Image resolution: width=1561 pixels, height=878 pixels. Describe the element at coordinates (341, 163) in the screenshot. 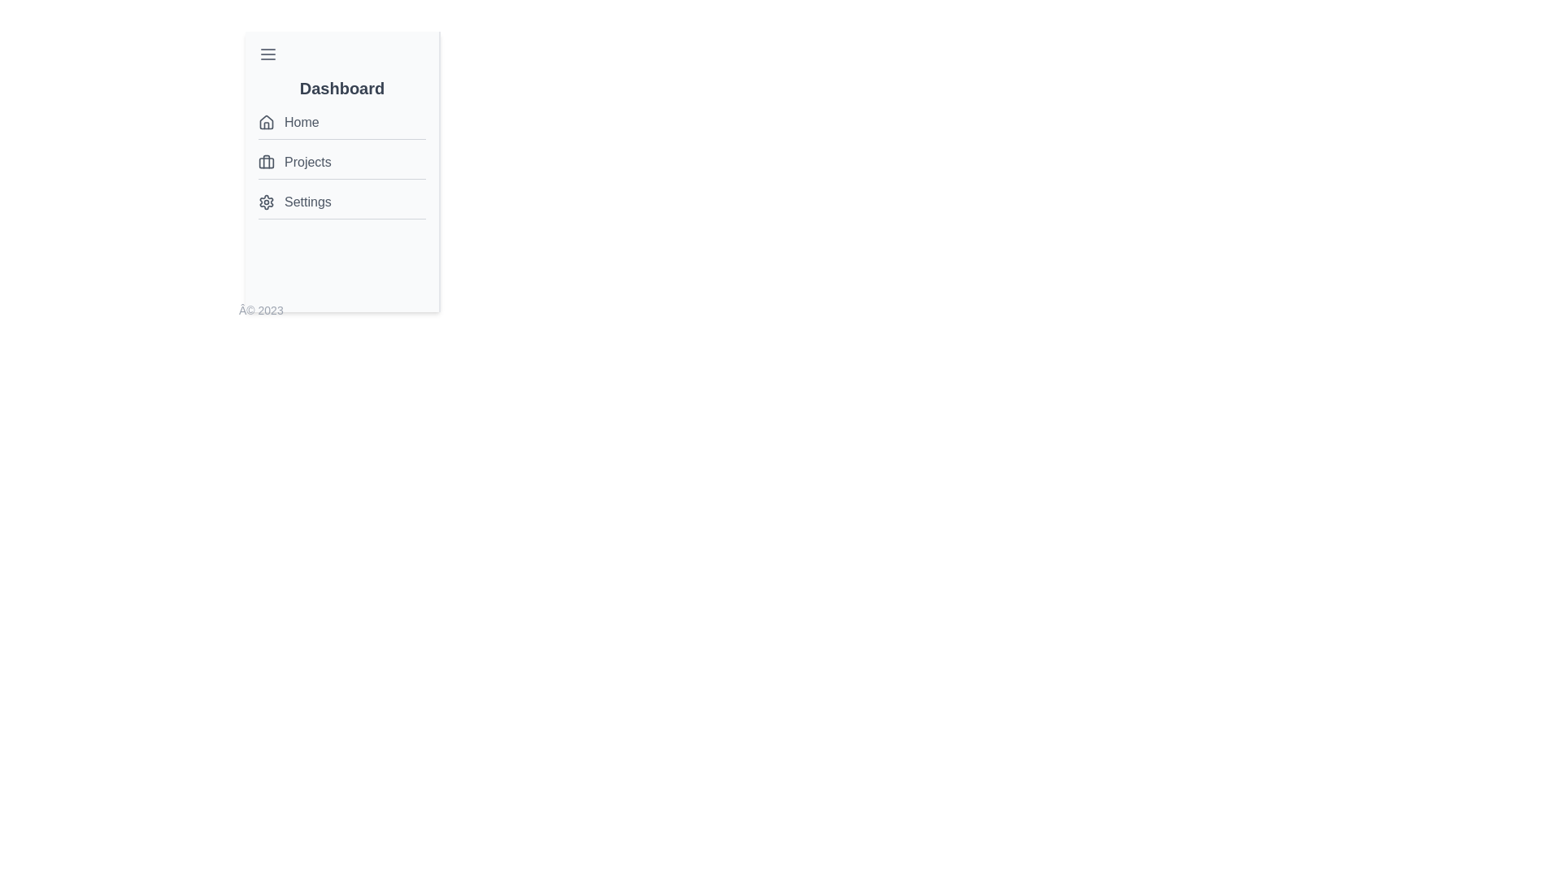

I see `the 'Projects' item in the sidebar to navigate to the 'Projects' section` at that location.